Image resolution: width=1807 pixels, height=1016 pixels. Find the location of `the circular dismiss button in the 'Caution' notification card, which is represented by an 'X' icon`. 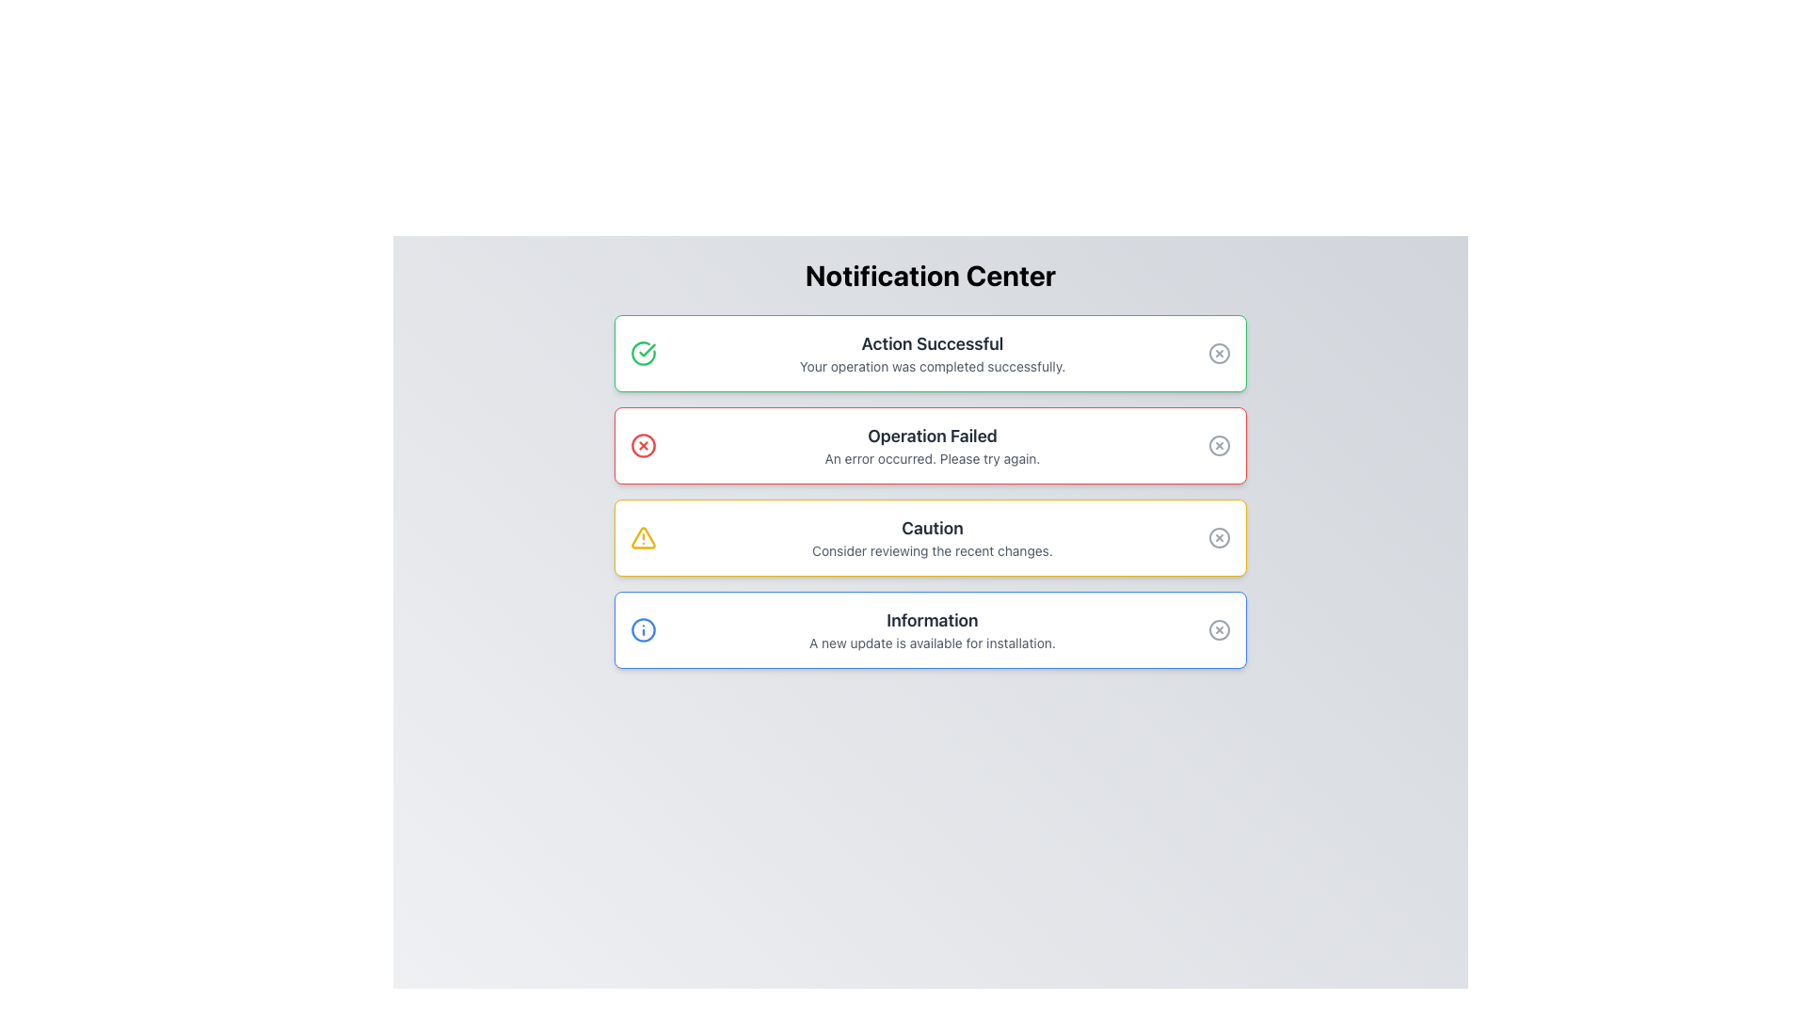

the circular dismiss button in the 'Caution' notification card, which is represented by an 'X' icon is located at coordinates (1220, 537).